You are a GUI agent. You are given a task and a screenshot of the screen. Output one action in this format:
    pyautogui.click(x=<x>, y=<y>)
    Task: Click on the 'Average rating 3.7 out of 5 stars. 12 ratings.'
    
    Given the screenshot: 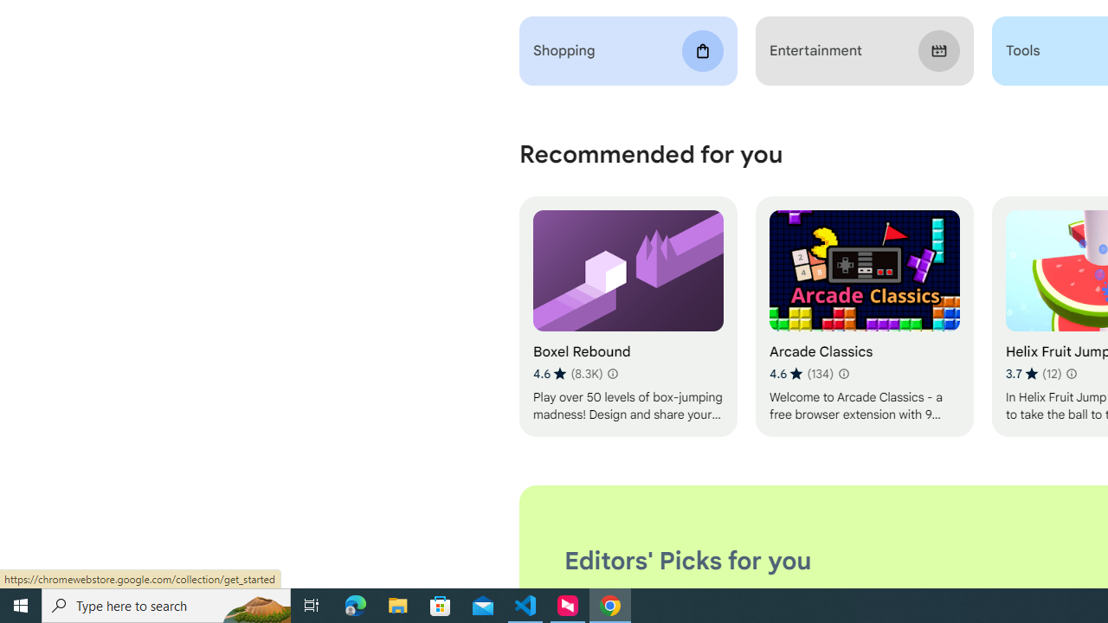 What is the action you would take?
    pyautogui.click(x=1034, y=373)
    